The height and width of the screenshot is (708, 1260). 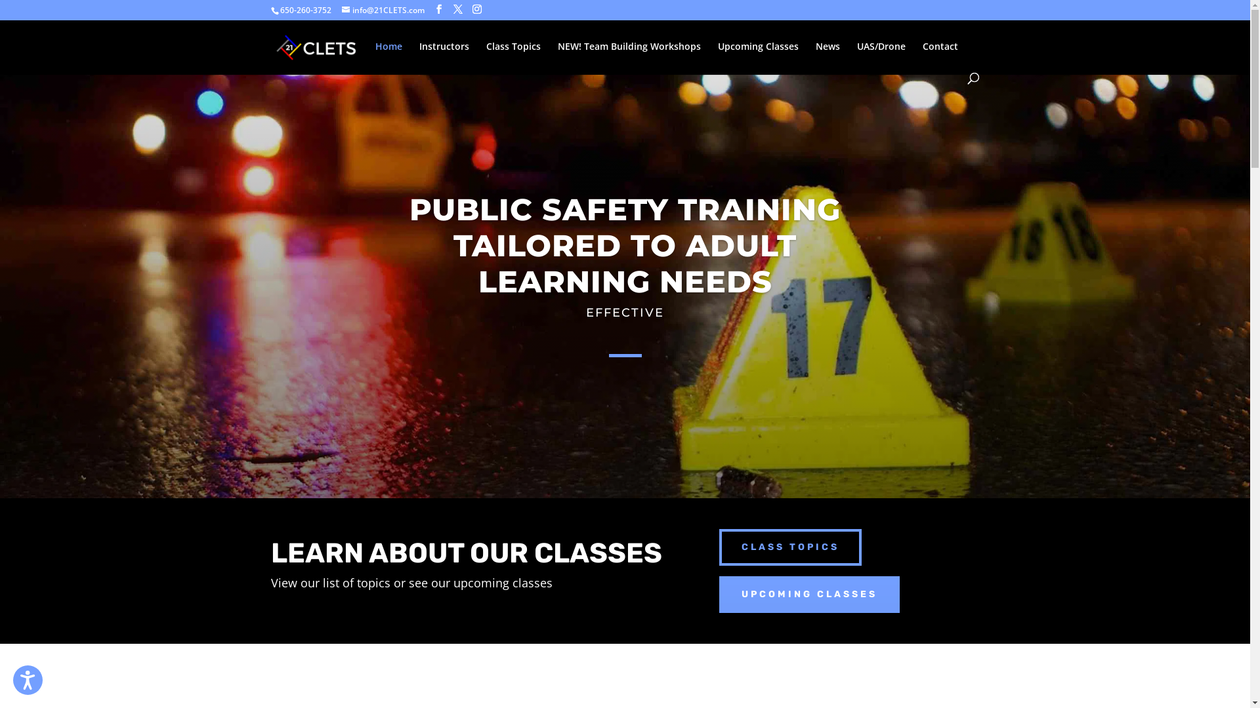 What do you see at coordinates (381, 10) in the screenshot?
I see `'info@21CLETS.com'` at bounding box center [381, 10].